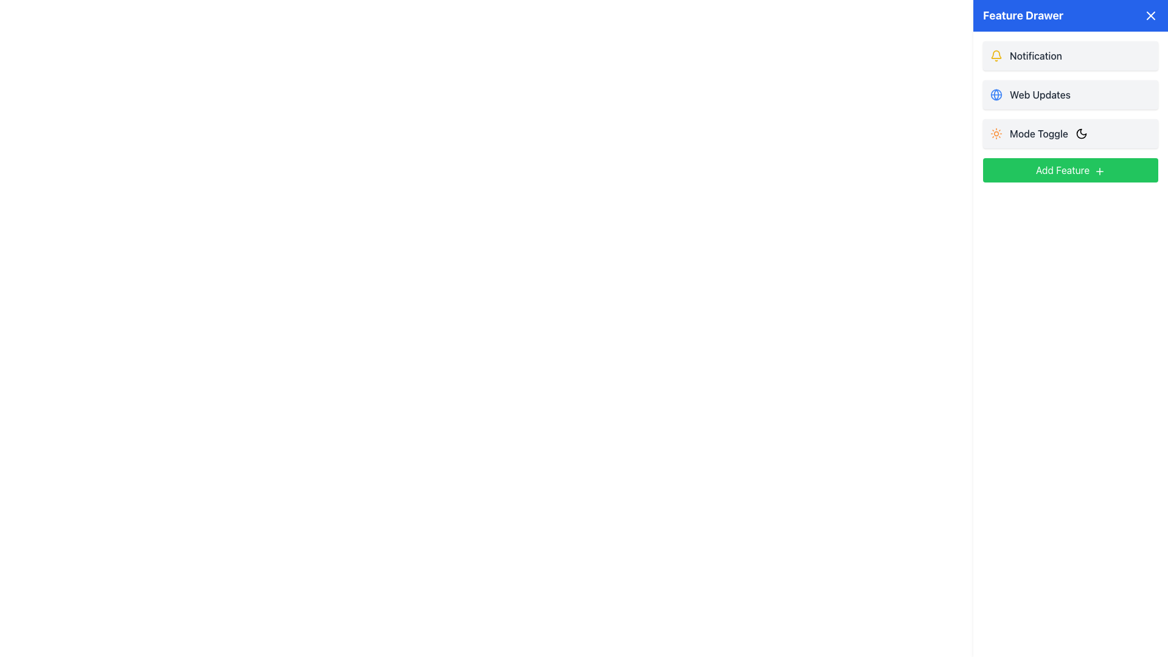 The height and width of the screenshot is (657, 1168). Describe the element at coordinates (1081, 133) in the screenshot. I see `the crescent moon icon located in the 'Mode Toggle' section of the feature drawer in the top-right area of the application interface` at that location.